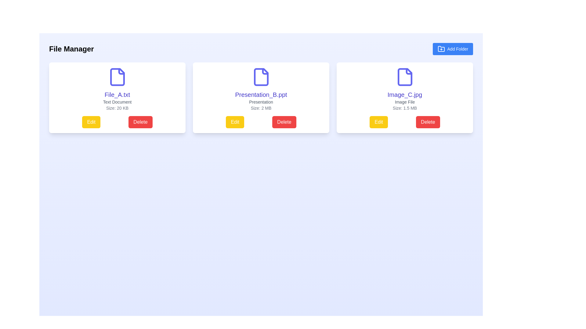 This screenshot has height=329, width=586. What do you see at coordinates (71, 49) in the screenshot?
I see `the bold, black text label displaying 'File Manager', which is prominently positioned at the top-left corner of the header section` at bounding box center [71, 49].